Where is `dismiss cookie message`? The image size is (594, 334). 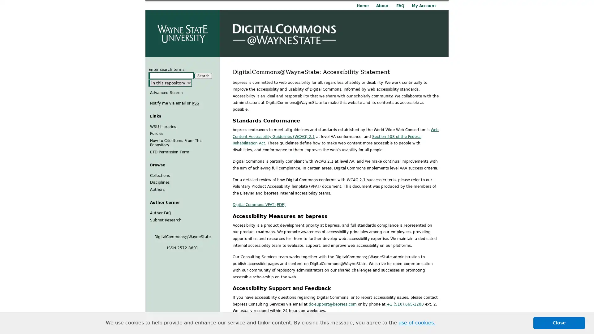
dismiss cookie message is located at coordinates (559, 323).